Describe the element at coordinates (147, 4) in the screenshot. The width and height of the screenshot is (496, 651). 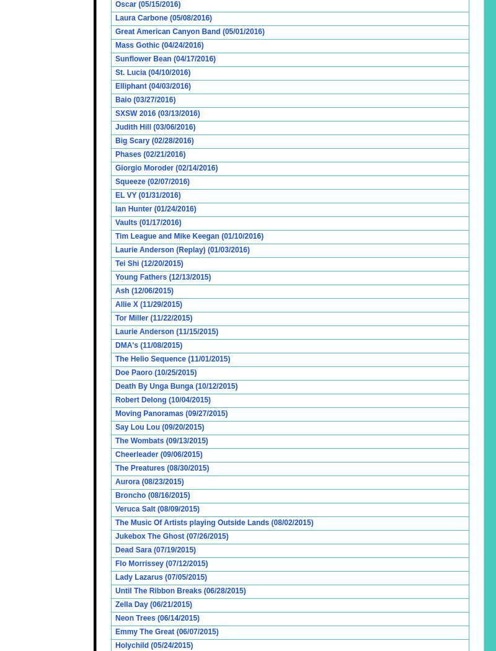
I see `'Oscar (05/15/2016)'` at that location.